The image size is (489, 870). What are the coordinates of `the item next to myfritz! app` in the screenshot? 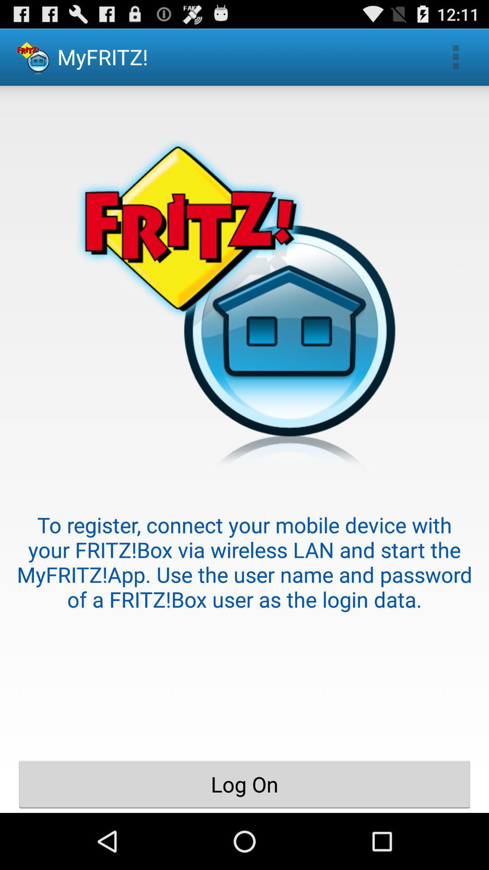 It's located at (455, 56).